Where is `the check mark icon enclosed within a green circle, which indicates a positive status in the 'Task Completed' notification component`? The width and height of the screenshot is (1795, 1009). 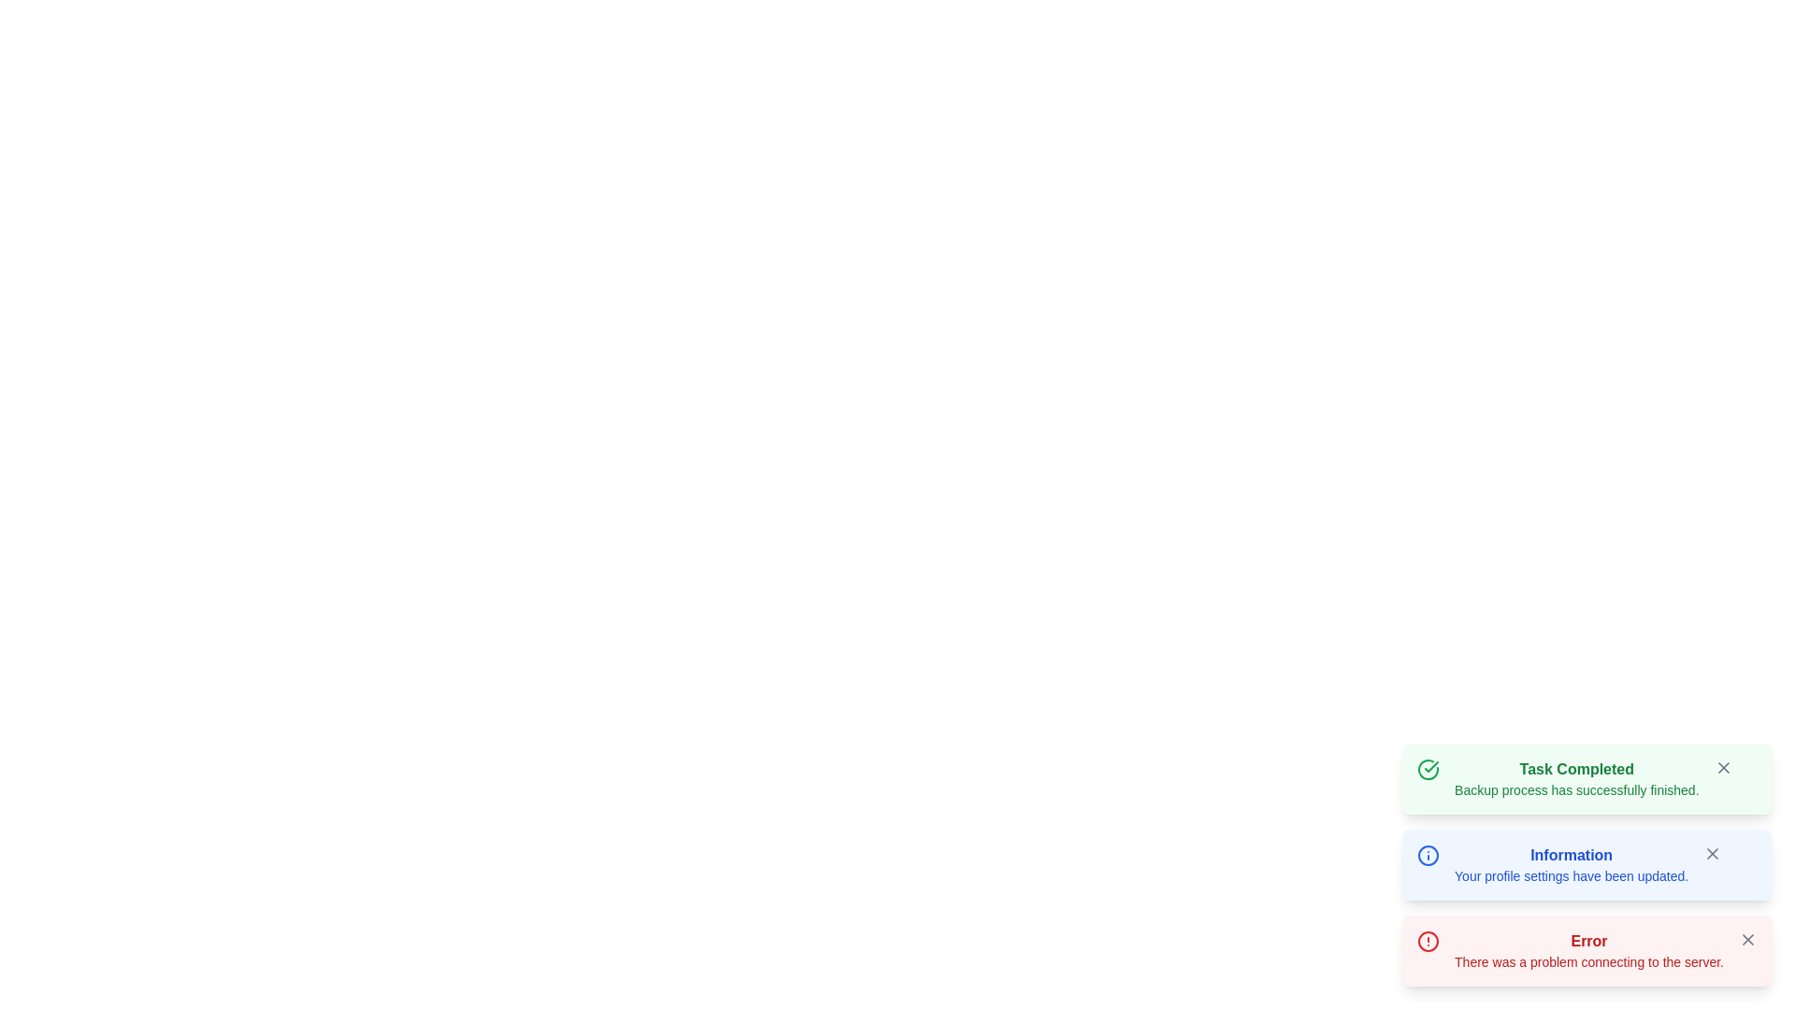
the check mark icon enclosed within a green circle, which indicates a positive status in the 'Task Completed' notification component is located at coordinates (1430, 767).